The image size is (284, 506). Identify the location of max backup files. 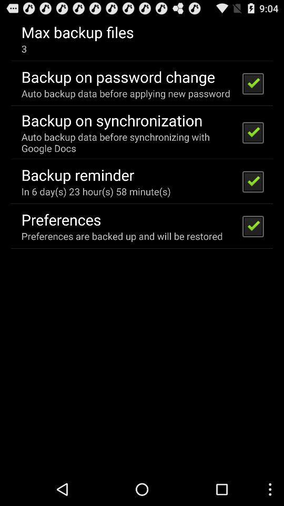
(77, 31).